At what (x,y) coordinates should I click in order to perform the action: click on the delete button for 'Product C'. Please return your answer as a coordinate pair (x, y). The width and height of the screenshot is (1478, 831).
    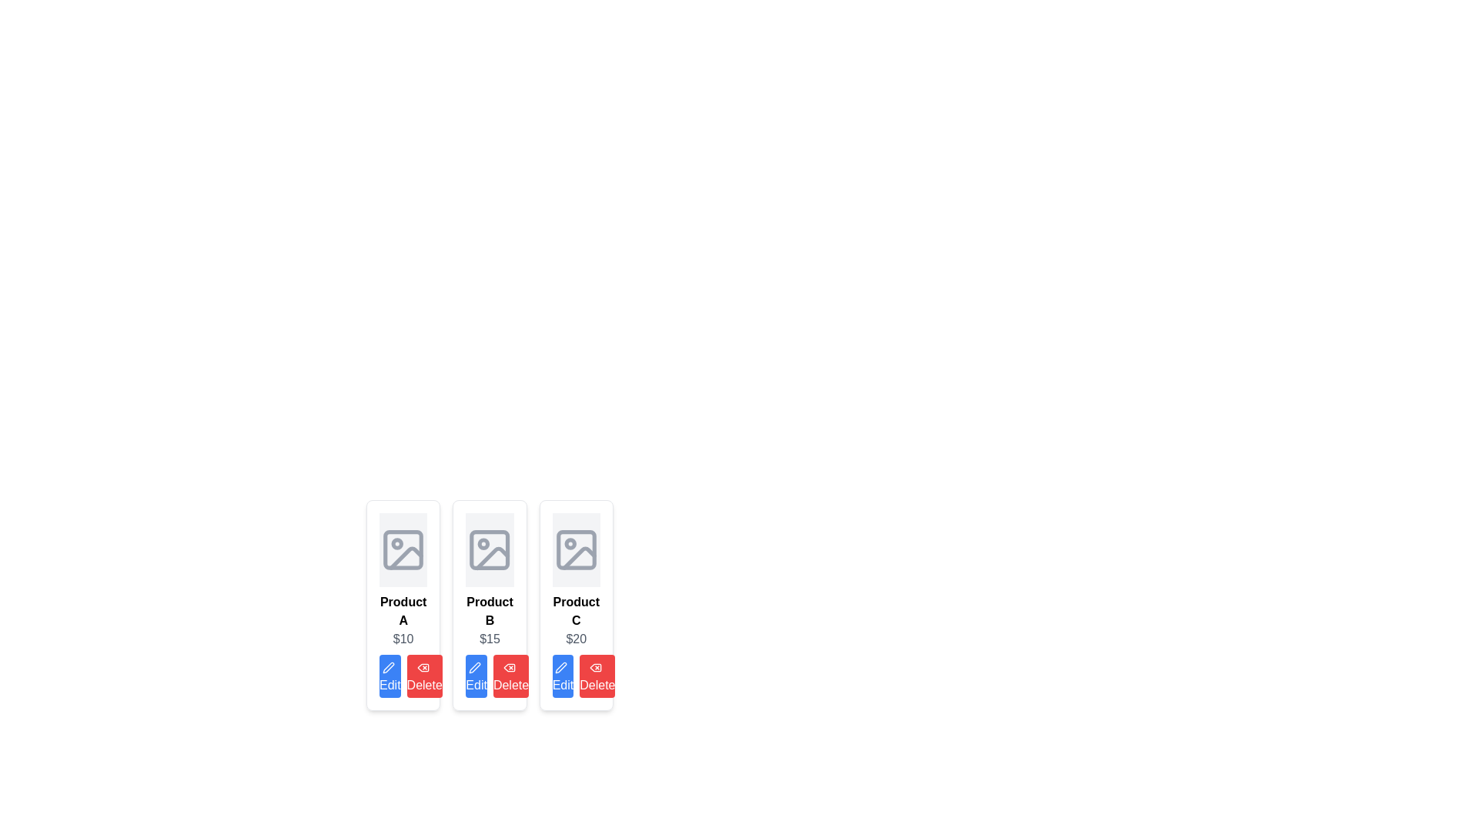
    Looking at the image, I should click on (597, 676).